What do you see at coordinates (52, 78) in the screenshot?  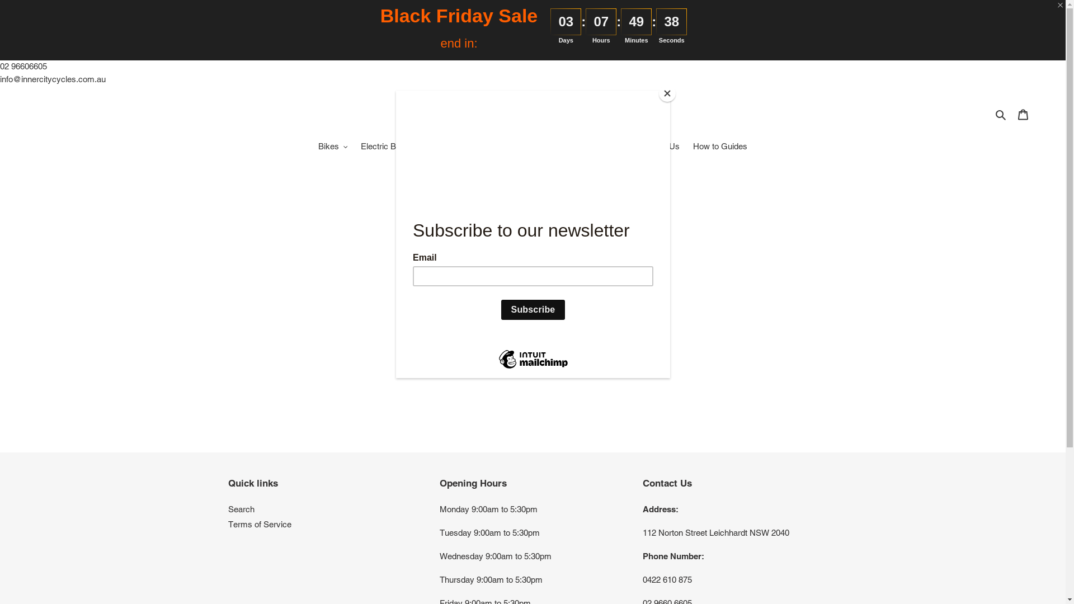 I see `'info@innercitycycles.com.au'` at bounding box center [52, 78].